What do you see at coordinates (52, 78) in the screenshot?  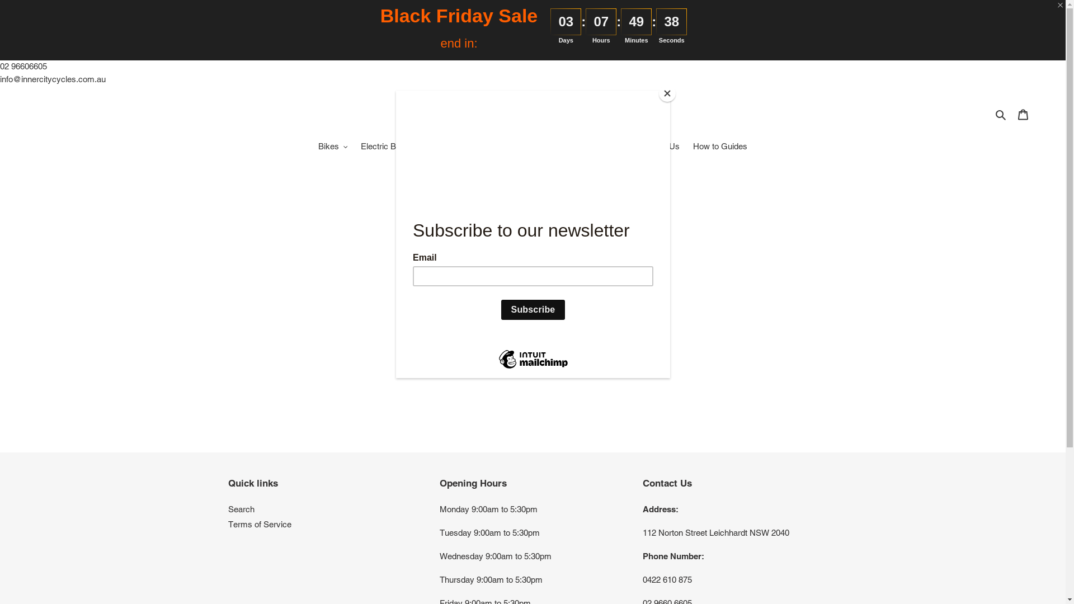 I see `'info@innercitycycles.com.au'` at bounding box center [52, 78].